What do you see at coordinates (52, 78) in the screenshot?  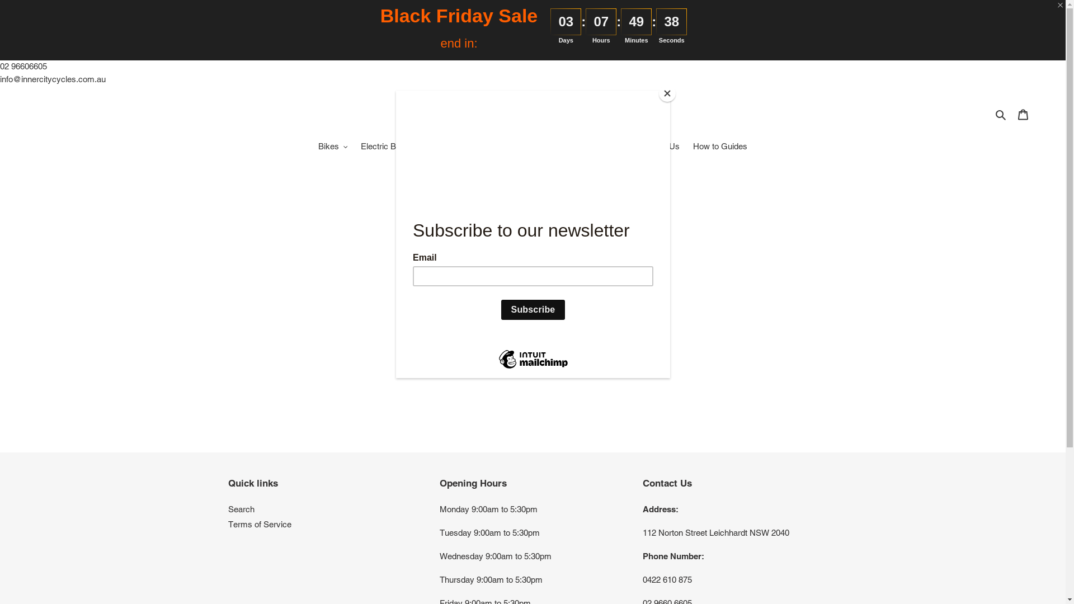 I see `'info@innercitycycles.com.au'` at bounding box center [52, 78].